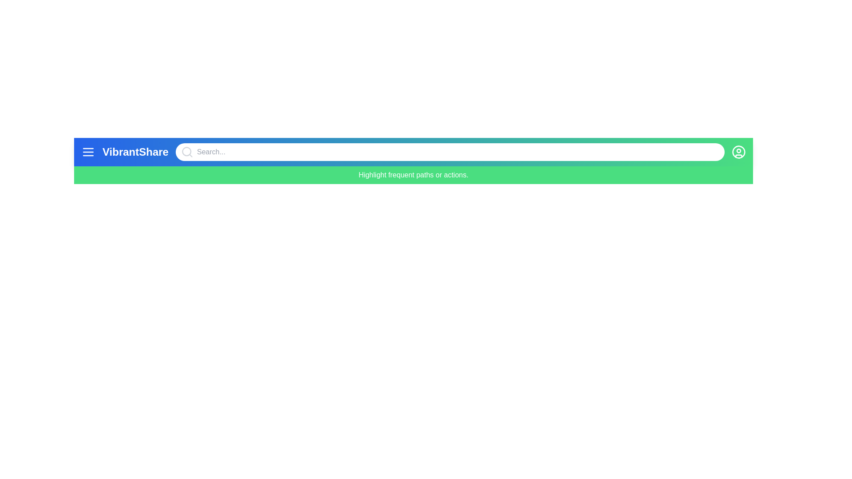 This screenshot has height=479, width=852. What do you see at coordinates (739, 152) in the screenshot?
I see `the user icon to access user options` at bounding box center [739, 152].